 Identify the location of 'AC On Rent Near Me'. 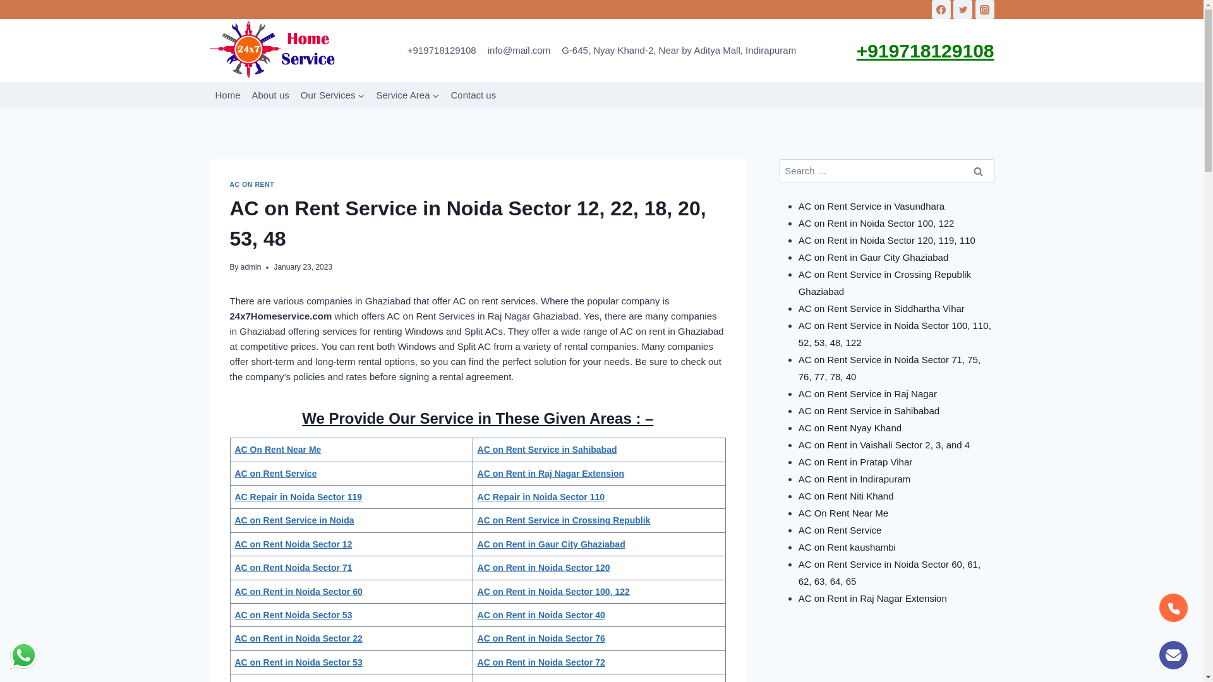
(235, 449).